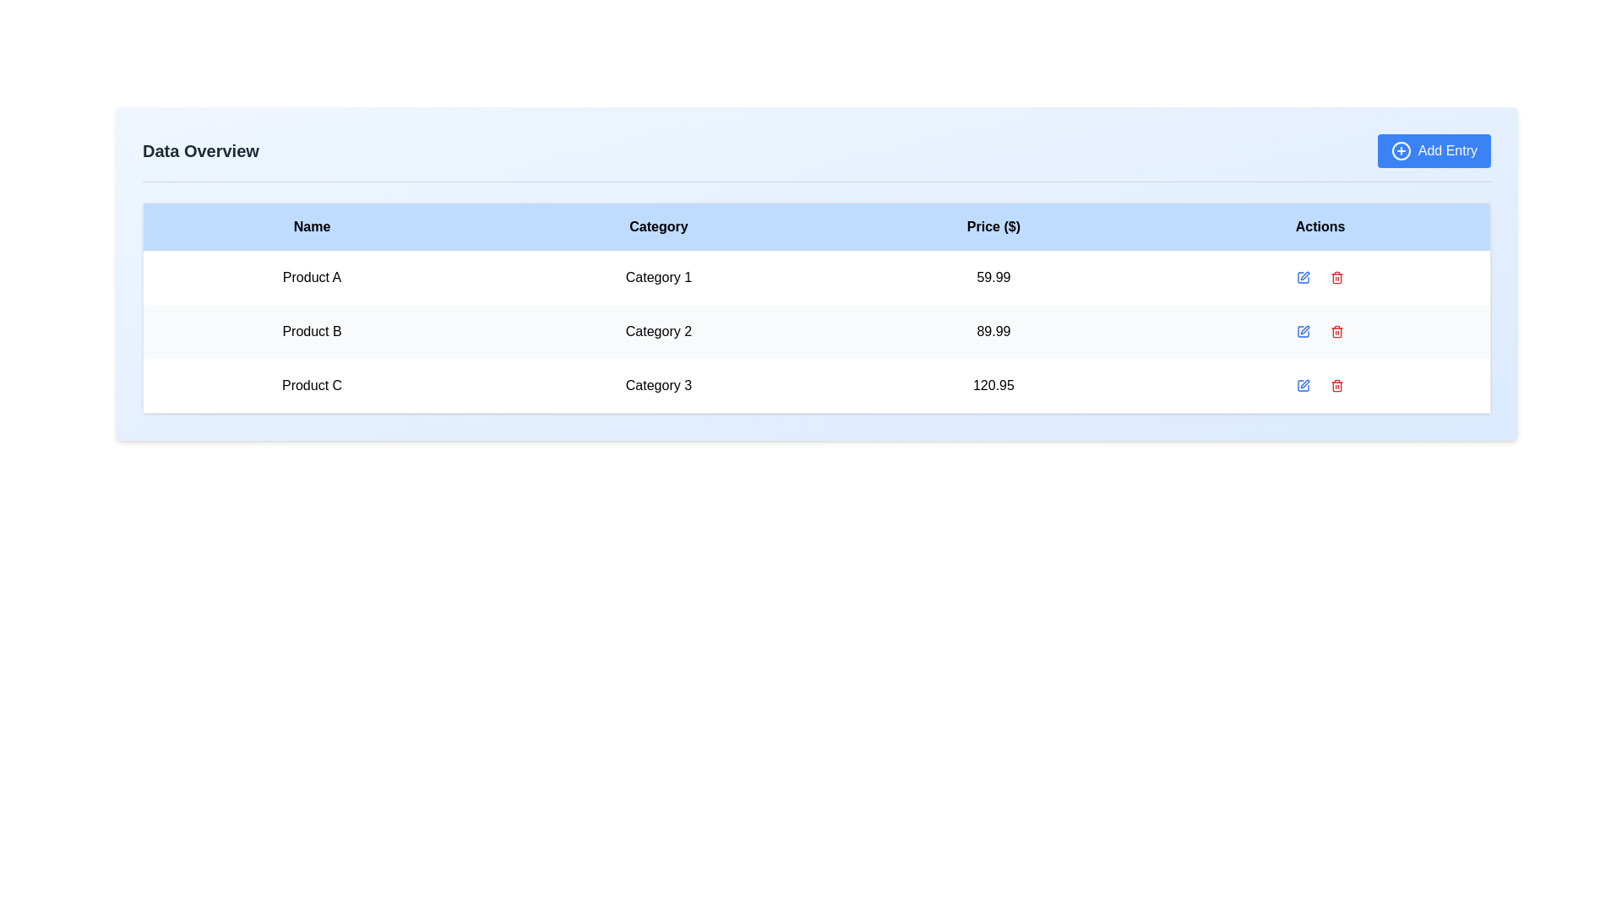 The height and width of the screenshot is (912, 1622). What do you see at coordinates (1302, 385) in the screenshot?
I see `the outline square graphic icon located in the 'Actions' column of the data table` at bounding box center [1302, 385].